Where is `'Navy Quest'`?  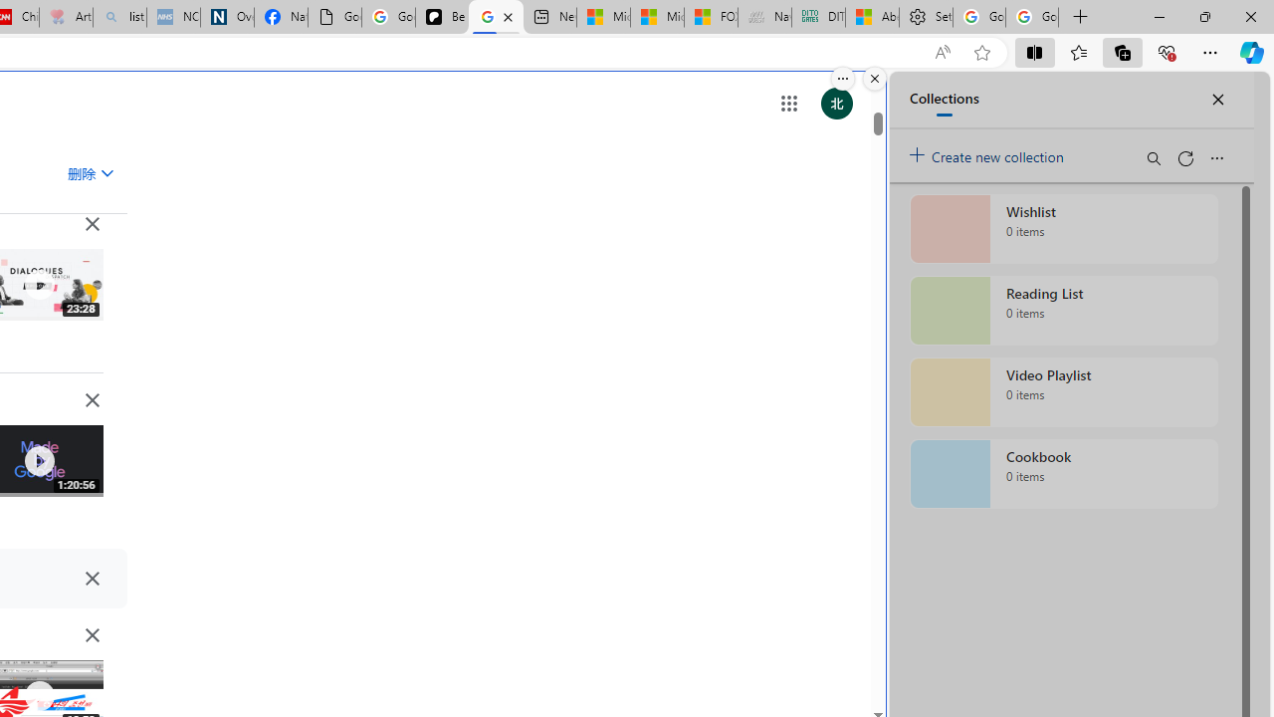
'Navy Quest' is located at coordinates (763, 17).